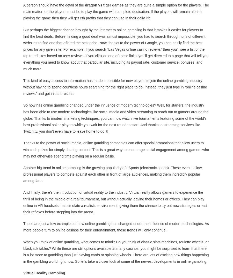 The image size is (233, 278). Describe the element at coordinates (116, 251) in the screenshot. I see `'When you think of online gambling, what comes to mind? Do you think of classic slots machines, roulette wheels, or blackjack tables? While these are still options available at many casinos, you might be surprised to learn that there is a lot more to gambling than just playing cards or spinning wheels. There are lots of exciting new things happening in the gambling world right now. So let’s take a closer look at some of the newest developments in online gambling.'` at that location.